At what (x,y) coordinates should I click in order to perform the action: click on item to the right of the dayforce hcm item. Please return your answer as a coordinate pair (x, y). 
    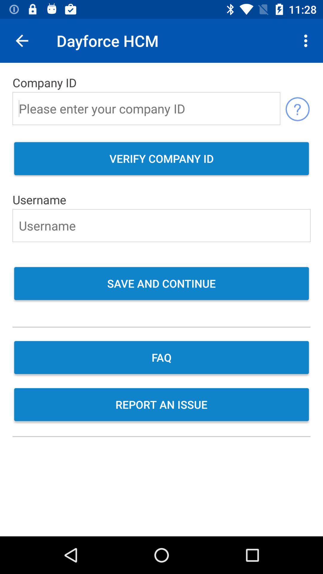
    Looking at the image, I should click on (307, 40).